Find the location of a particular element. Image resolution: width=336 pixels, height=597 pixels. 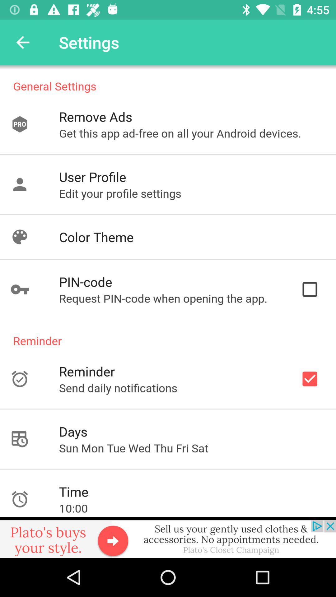

option is located at coordinates (168, 537).